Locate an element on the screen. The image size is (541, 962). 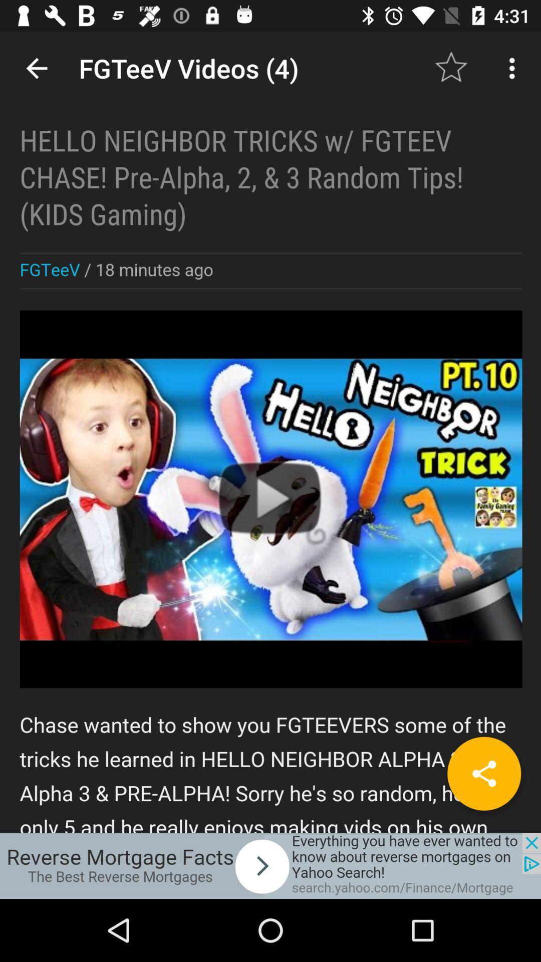
share button is located at coordinates (483, 773).